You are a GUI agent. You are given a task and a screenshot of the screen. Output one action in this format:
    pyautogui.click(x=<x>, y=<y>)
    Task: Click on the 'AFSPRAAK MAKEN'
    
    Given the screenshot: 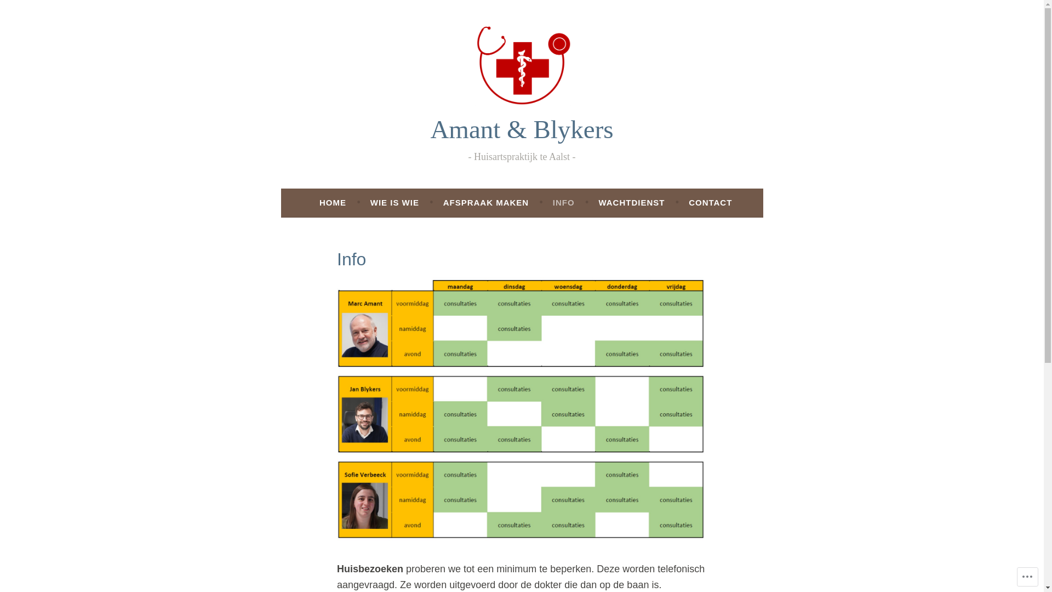 What is the action you would take?
    pyautogui.click(x=485, y=203)
    